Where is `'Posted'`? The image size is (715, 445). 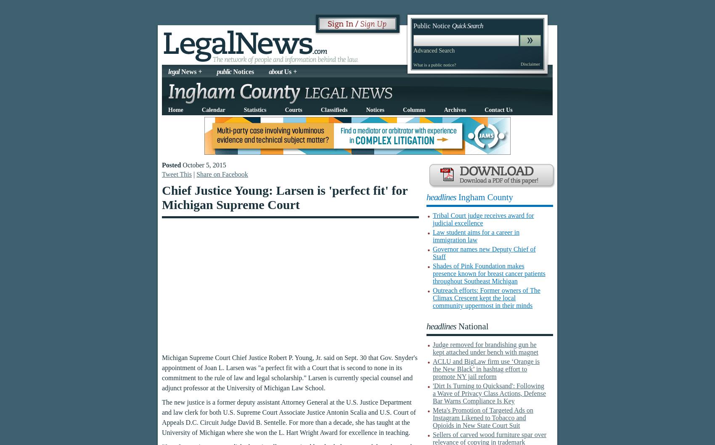
'Posted' is located at coordinates (171, 165).